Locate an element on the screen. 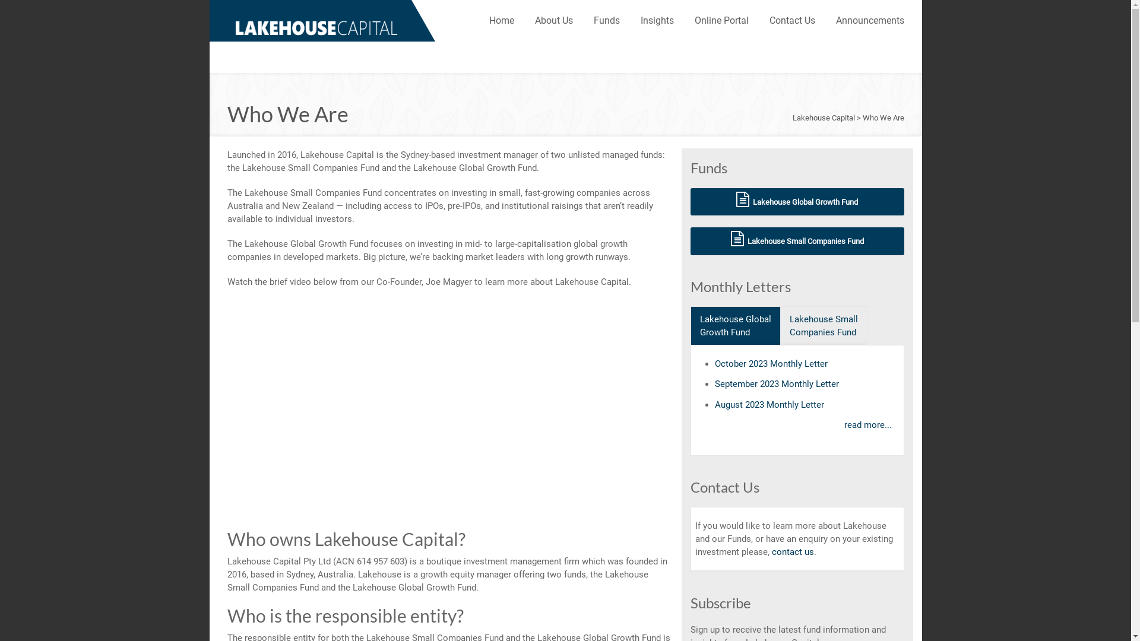  'contact us' is located at coordinates (772, 551).